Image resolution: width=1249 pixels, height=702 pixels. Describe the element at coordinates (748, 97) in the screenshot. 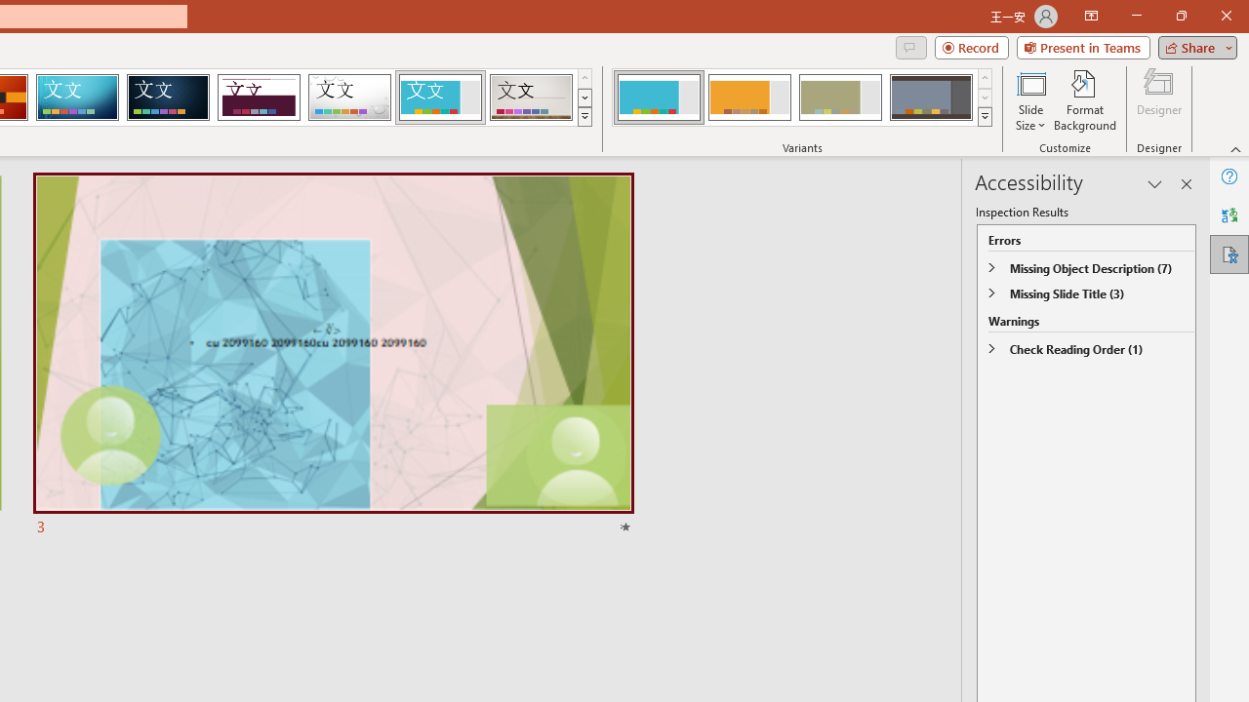

I see `'Frame Variant 2'` at that location.